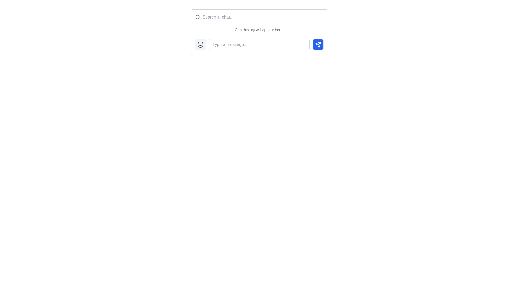  I want to click on the informative placeholder text indicating chat history display, located in the middle section of the chat interface, below the search box and above the text input field, so click(259, 30).